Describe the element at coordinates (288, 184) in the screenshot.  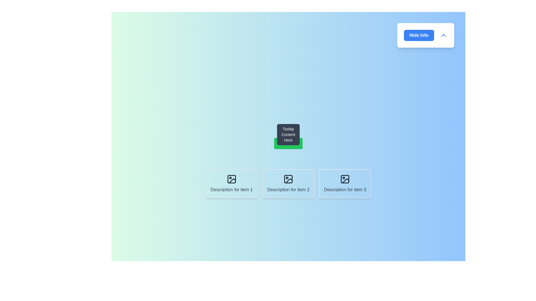
I see `the second Card component in the horizontal grid` at that location.